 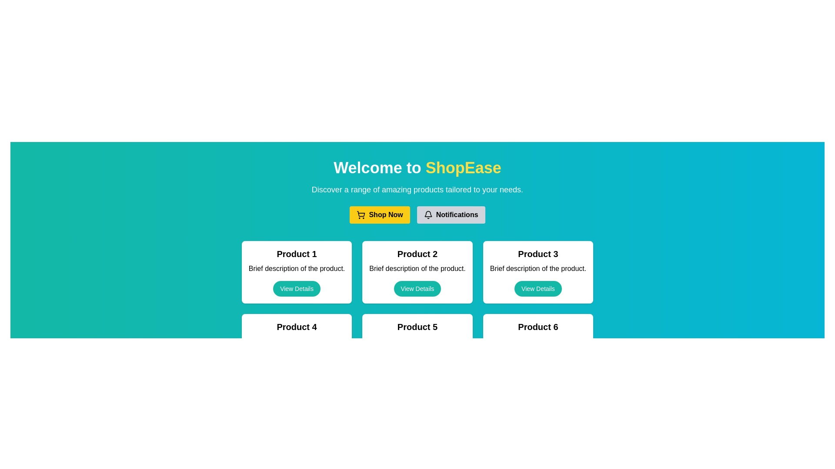 What do you see at coordinates (297, 268) in the screenshot?
I see `text element located within the 'Product 1' card, which provides a brief description of the associated product, positioned below the title and above the 'View Details' button` at bounding box center [297, 268].